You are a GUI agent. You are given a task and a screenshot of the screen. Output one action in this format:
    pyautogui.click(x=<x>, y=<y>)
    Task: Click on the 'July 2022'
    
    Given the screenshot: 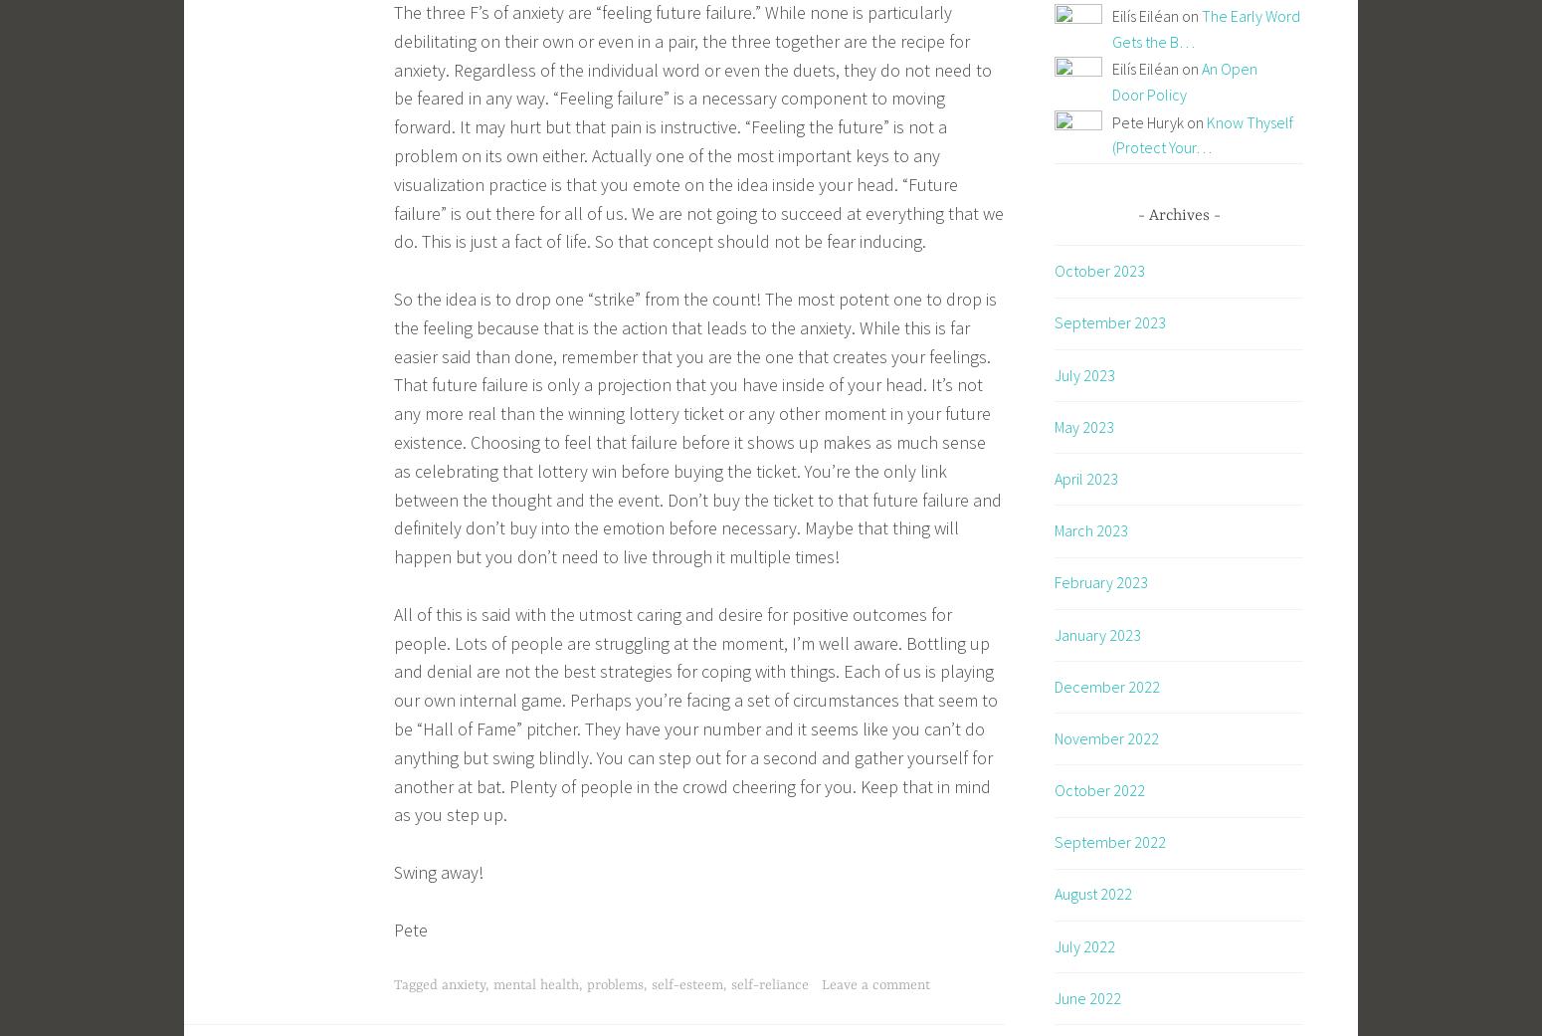 What is the action you would take?
    pyautogui.click(x=1083, y=945)
    